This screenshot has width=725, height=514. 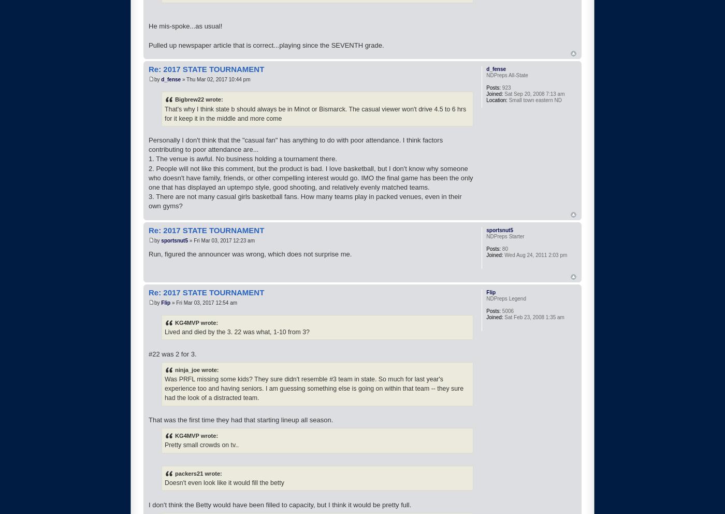 I want to click on 'NDPreps Starter', so click(x=505, y=235).